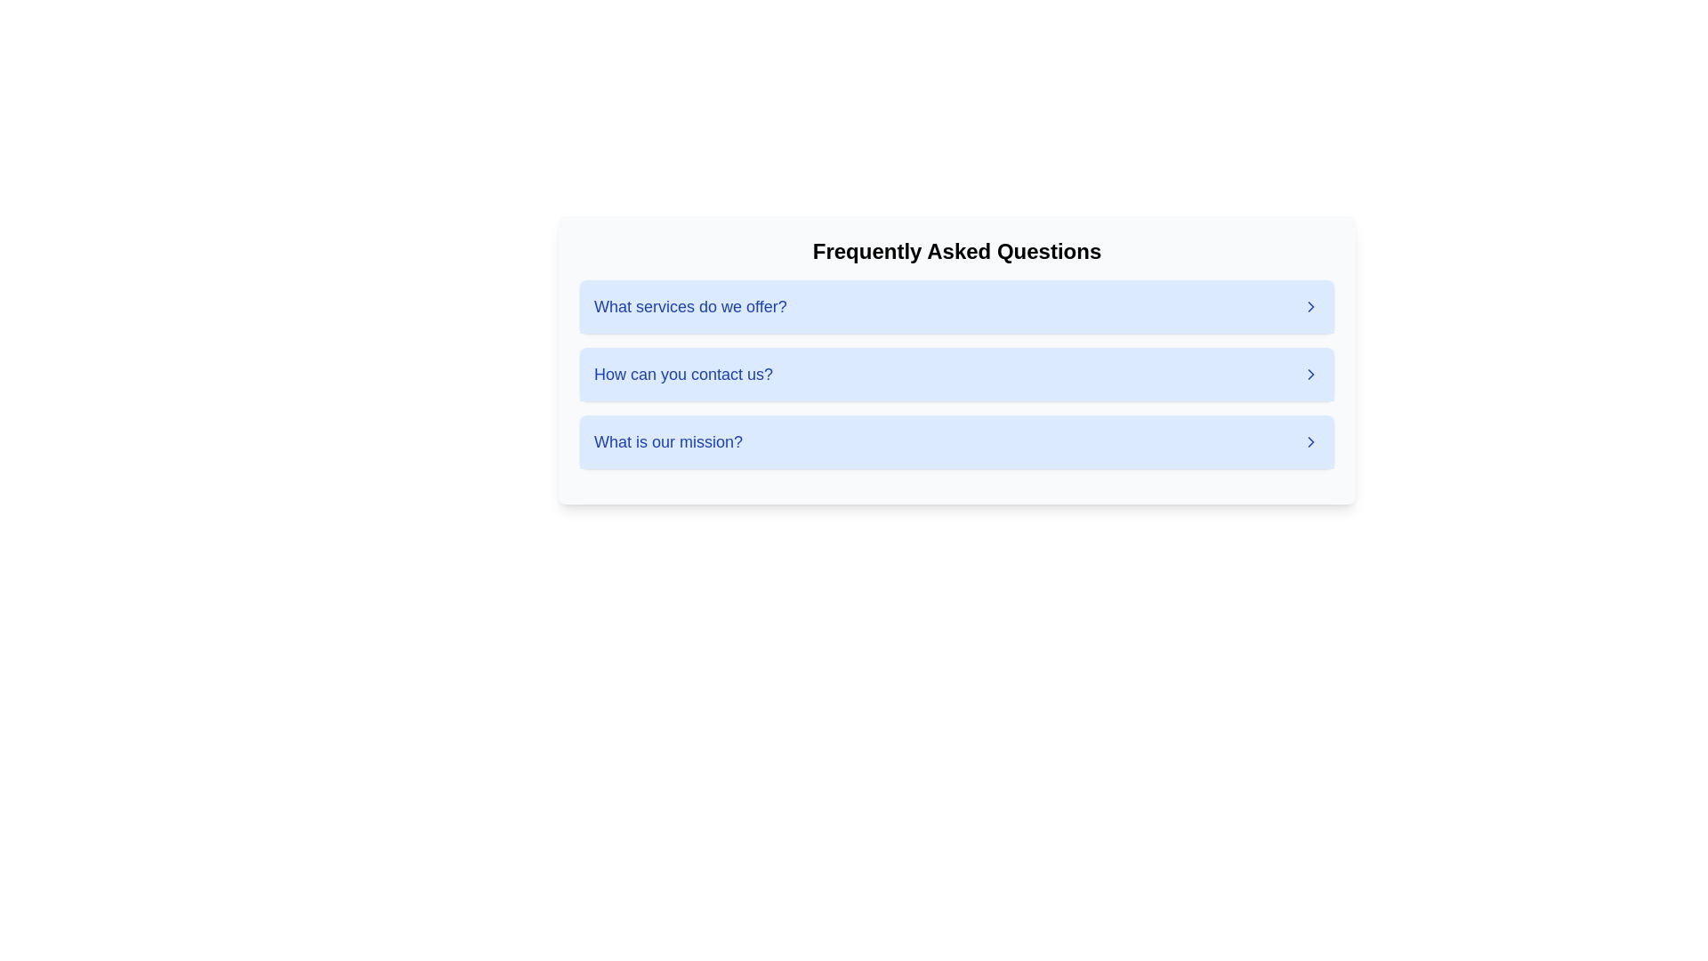  I want to click on text of the title or question prompt located at the center of the blue-highlighted section in the top section of a vertically-stacked list, so click(689, 305).